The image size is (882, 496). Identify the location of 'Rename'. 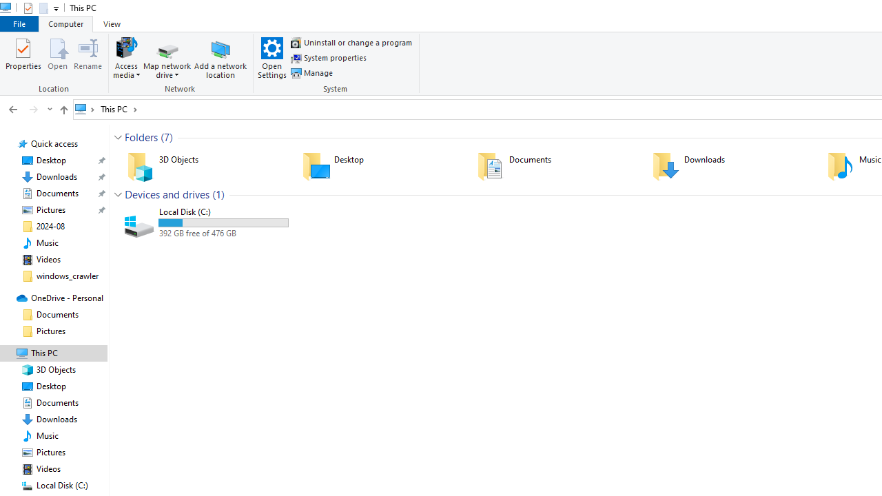
(88, 56).